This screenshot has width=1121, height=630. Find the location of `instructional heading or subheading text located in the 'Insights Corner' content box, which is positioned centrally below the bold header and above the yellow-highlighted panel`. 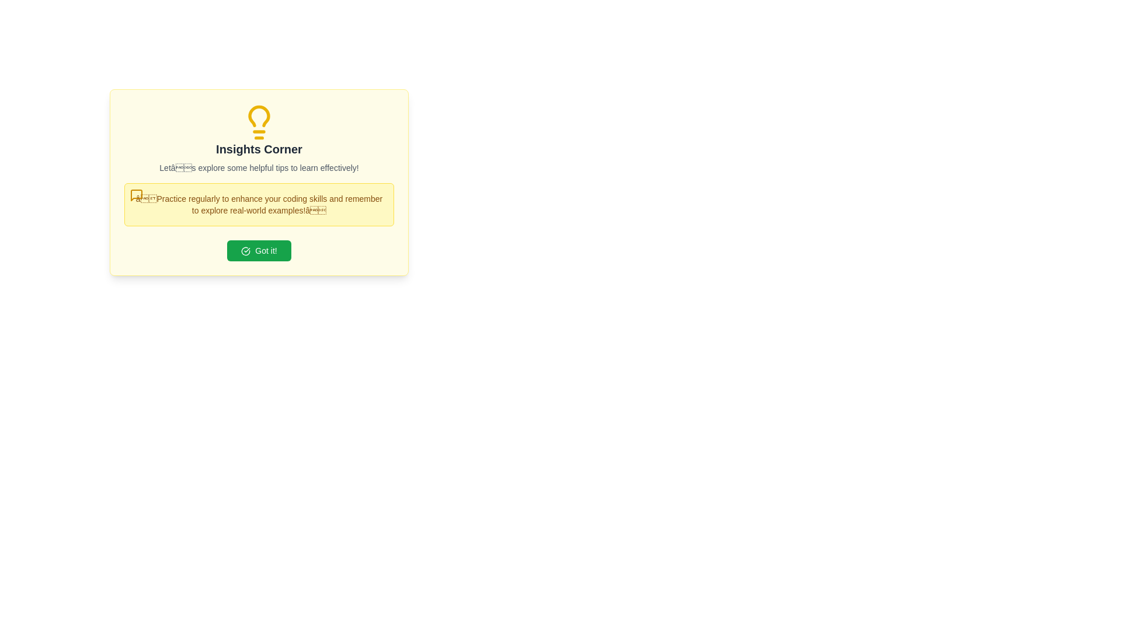

instructional heading or subheading text located in the 'Insights Corner' content box, which is positioned centrally below the bold header and above the yellow-highlighted panel is located at coordinates (259, 168).